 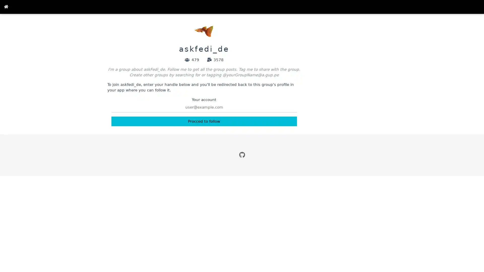 I want to click on Procced to follow, so click(x=204, y=121).